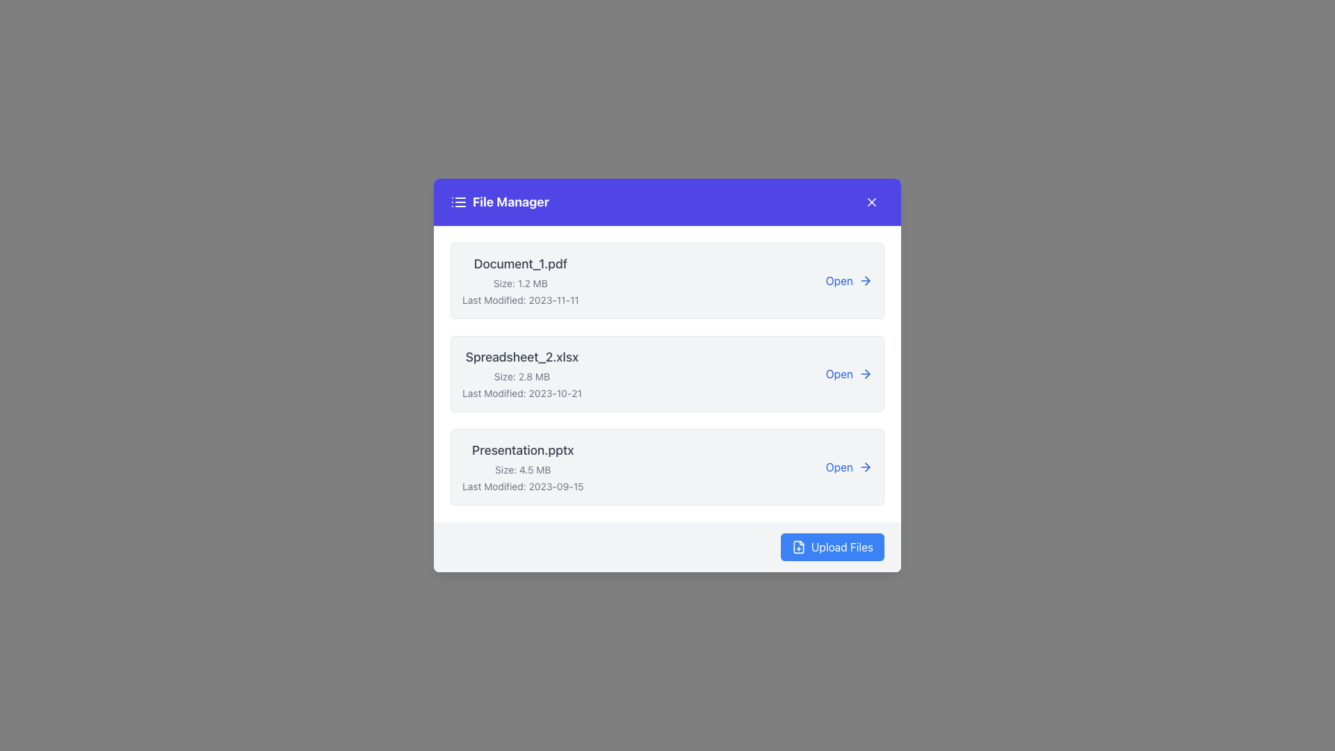 The width and height of the screenshot is (1335, 751). What do you see at coordinates (798, 546) in the screenshot?
I see `the vector icon resembling a document with a plus symbol, located to the left of the 'Upload Files' text within a button component at the bottom right of the interface` at bounding box center [798, 546].